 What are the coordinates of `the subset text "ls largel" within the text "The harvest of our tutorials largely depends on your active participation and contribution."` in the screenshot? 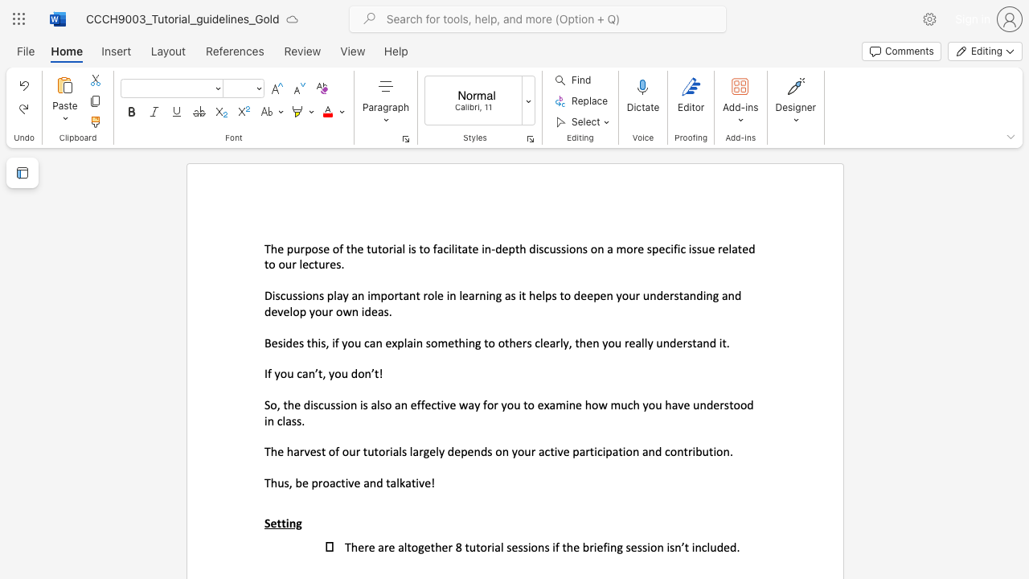 It's located at (399, 451).